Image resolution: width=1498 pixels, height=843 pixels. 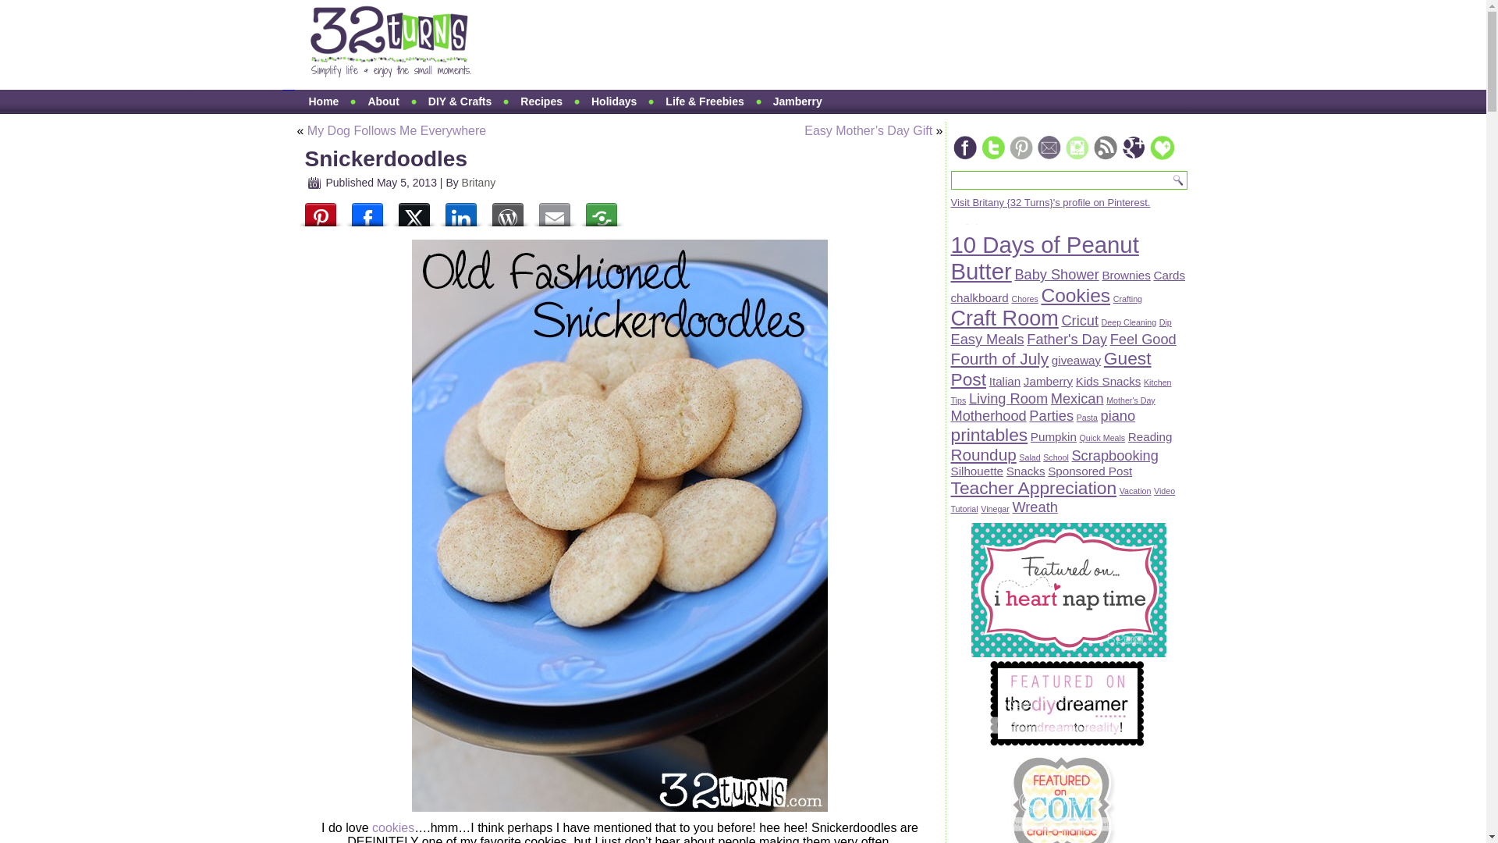 I want to click on 'Salad', so click(x=1029, y=457).